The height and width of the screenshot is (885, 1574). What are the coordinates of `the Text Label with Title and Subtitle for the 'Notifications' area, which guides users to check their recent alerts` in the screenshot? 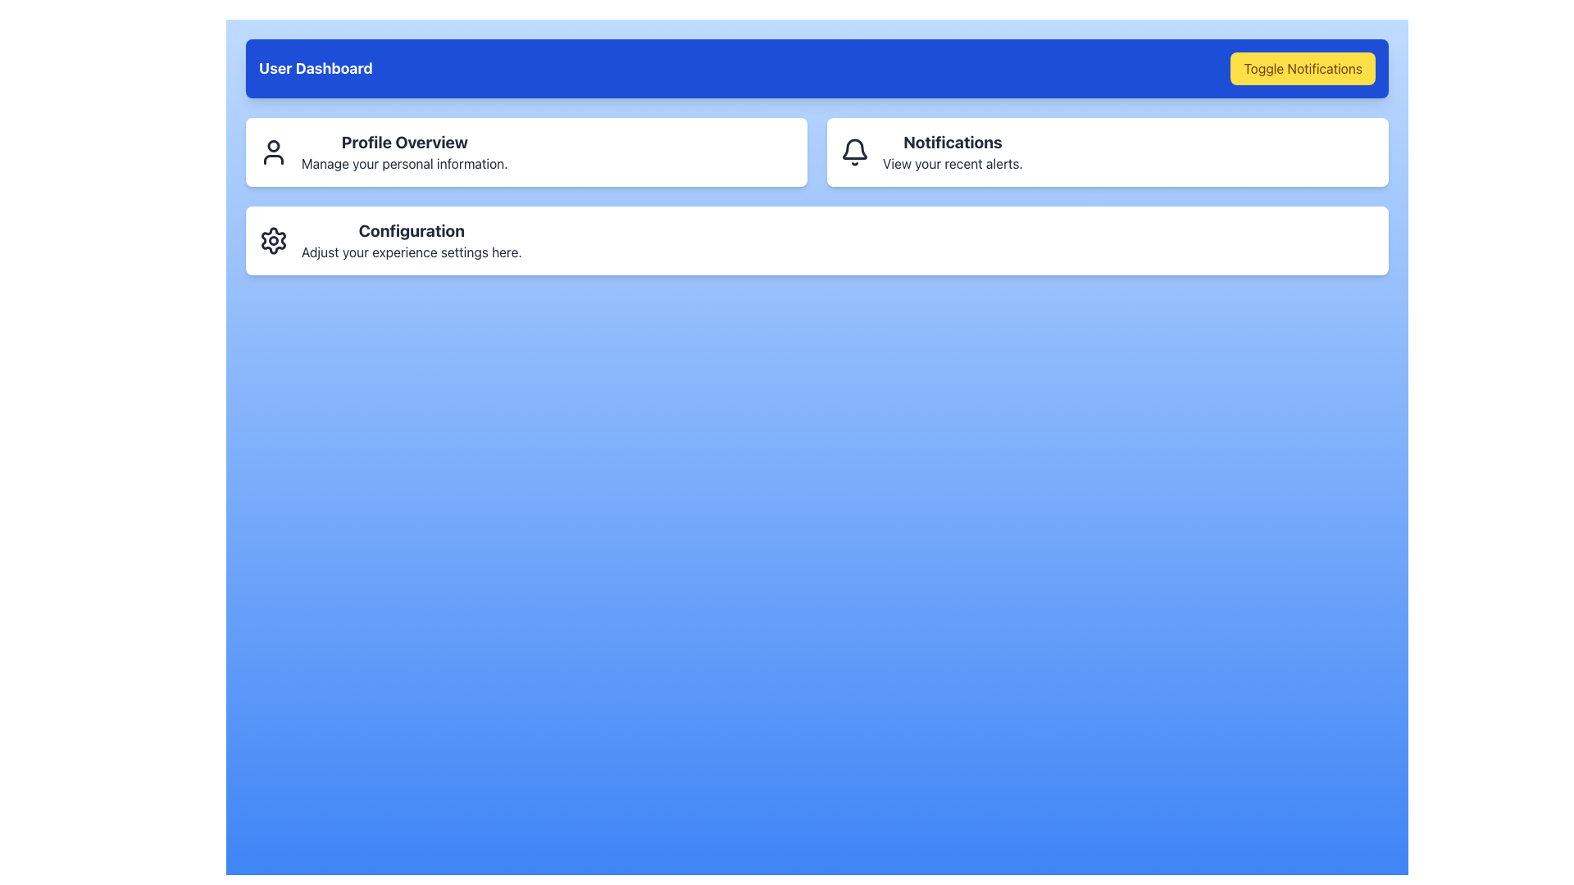 It's located at (953, 152).